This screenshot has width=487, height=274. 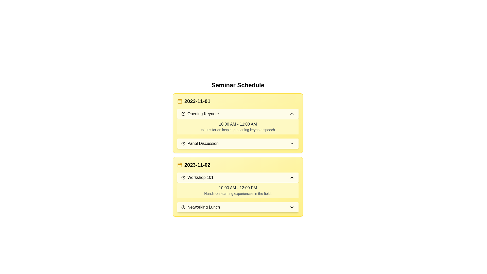 What do you see at coordinates (180, 165) in the screenshot?
I see `the calendar icon located adjacent to the date '2023-11-02'` at bounding box center [180, 165].